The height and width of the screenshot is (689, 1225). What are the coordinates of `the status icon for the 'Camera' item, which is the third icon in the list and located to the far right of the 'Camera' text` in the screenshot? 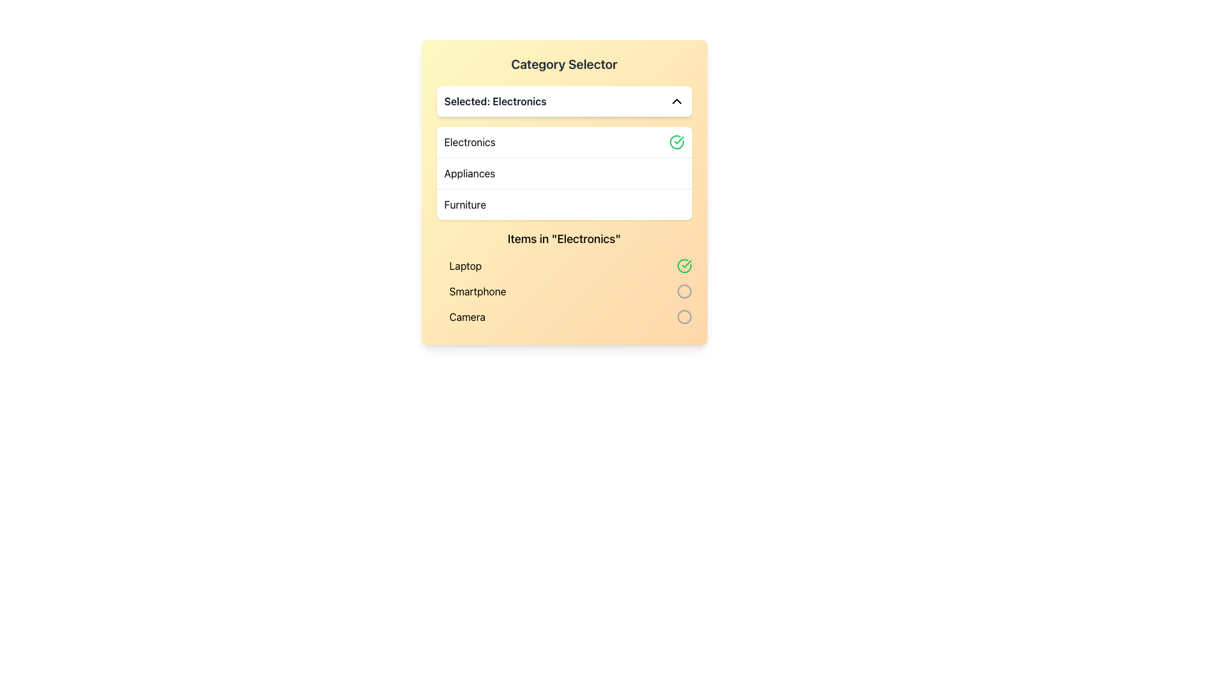 It's located at (683, 316).